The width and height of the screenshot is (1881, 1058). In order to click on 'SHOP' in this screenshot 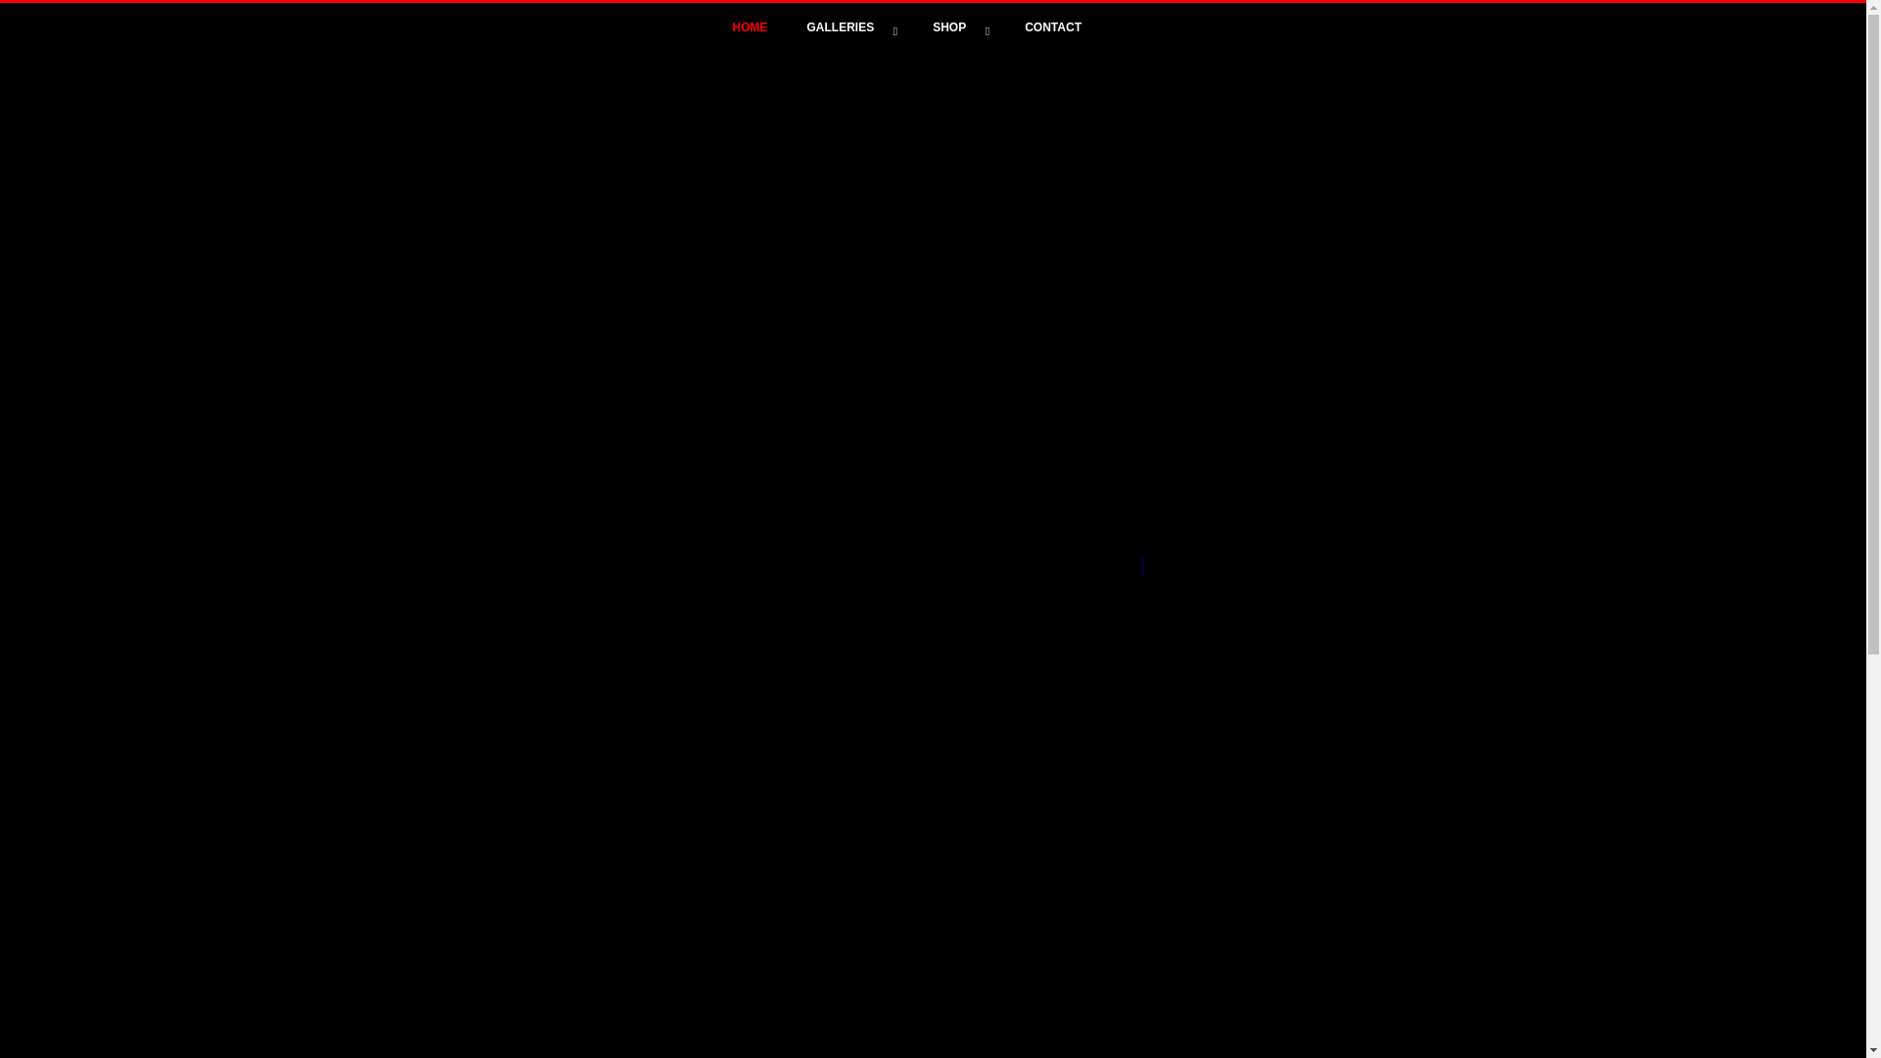, I will do `click(959, 26)`.